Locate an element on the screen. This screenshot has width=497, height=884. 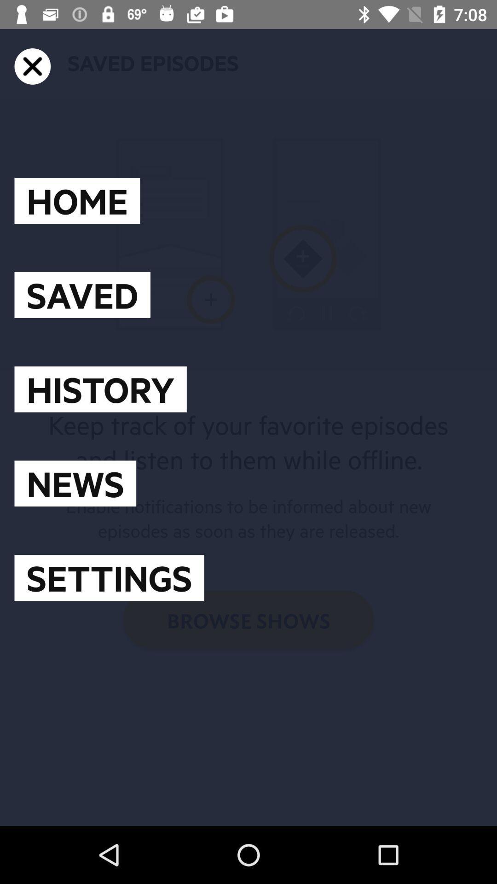
item above news item is located at coordinates (100, 389).